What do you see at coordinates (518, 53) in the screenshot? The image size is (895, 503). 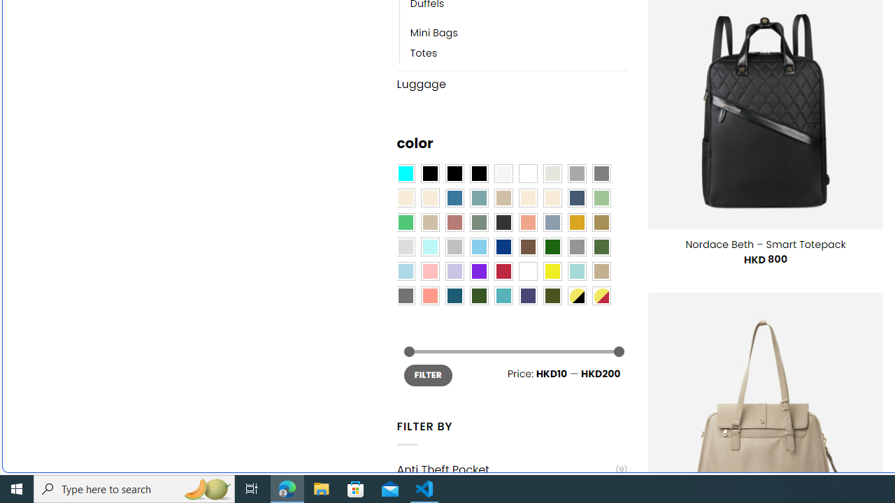 I see `'Totes'` at bounding box center [518, 53].